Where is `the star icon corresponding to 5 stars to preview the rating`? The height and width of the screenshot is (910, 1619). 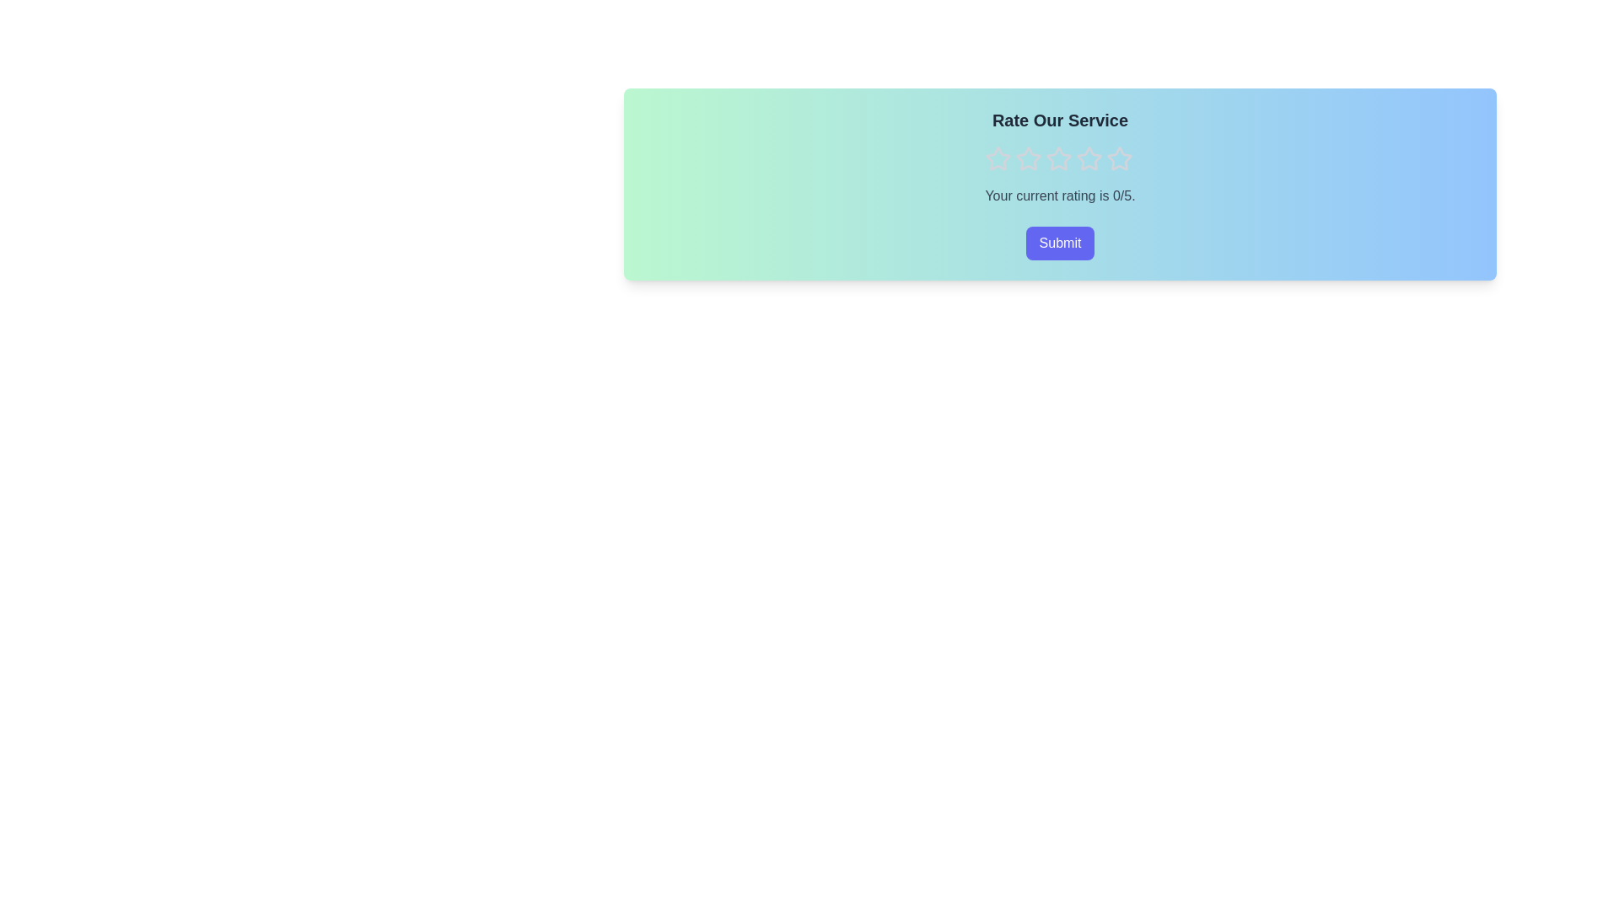
the star icon corresponding to 5 stars to preview the rating is located at coordinates (1119, 159).